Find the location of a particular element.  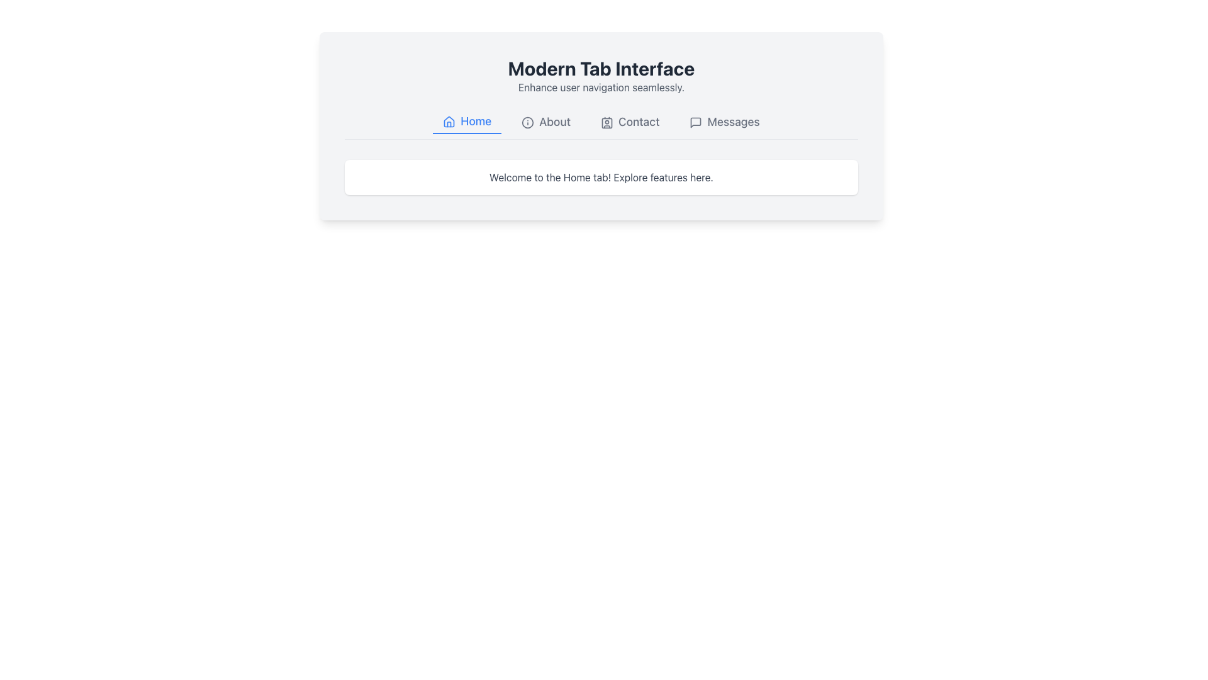

main title text positioned at the top of the interface, above the smaller text 'Enhance user navigation seamlessly' is located at coordinates (600, 68).